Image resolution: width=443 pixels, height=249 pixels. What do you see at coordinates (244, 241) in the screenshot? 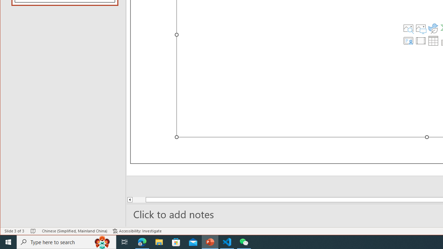
I see `'WeChat - 1 running window'` at bounding box center [244, 241].